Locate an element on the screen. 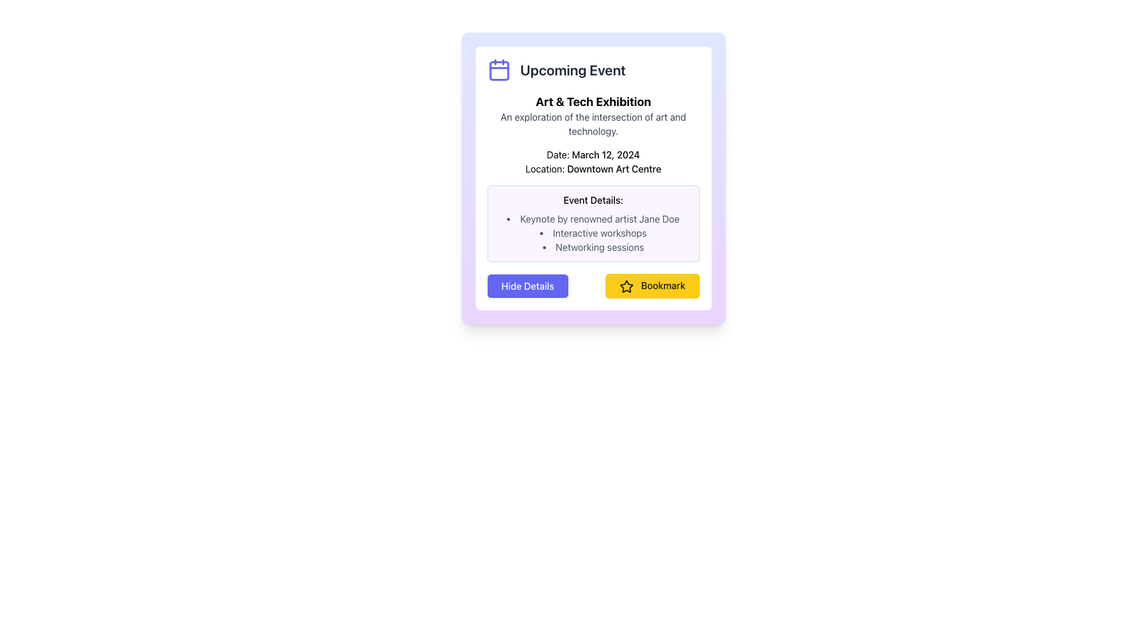 Image resolution: width=1132 pixels, height=636 pixels. the Text Label that displays the location of the event, positioned between the date and event details sections is located at coordinates (593, 168).